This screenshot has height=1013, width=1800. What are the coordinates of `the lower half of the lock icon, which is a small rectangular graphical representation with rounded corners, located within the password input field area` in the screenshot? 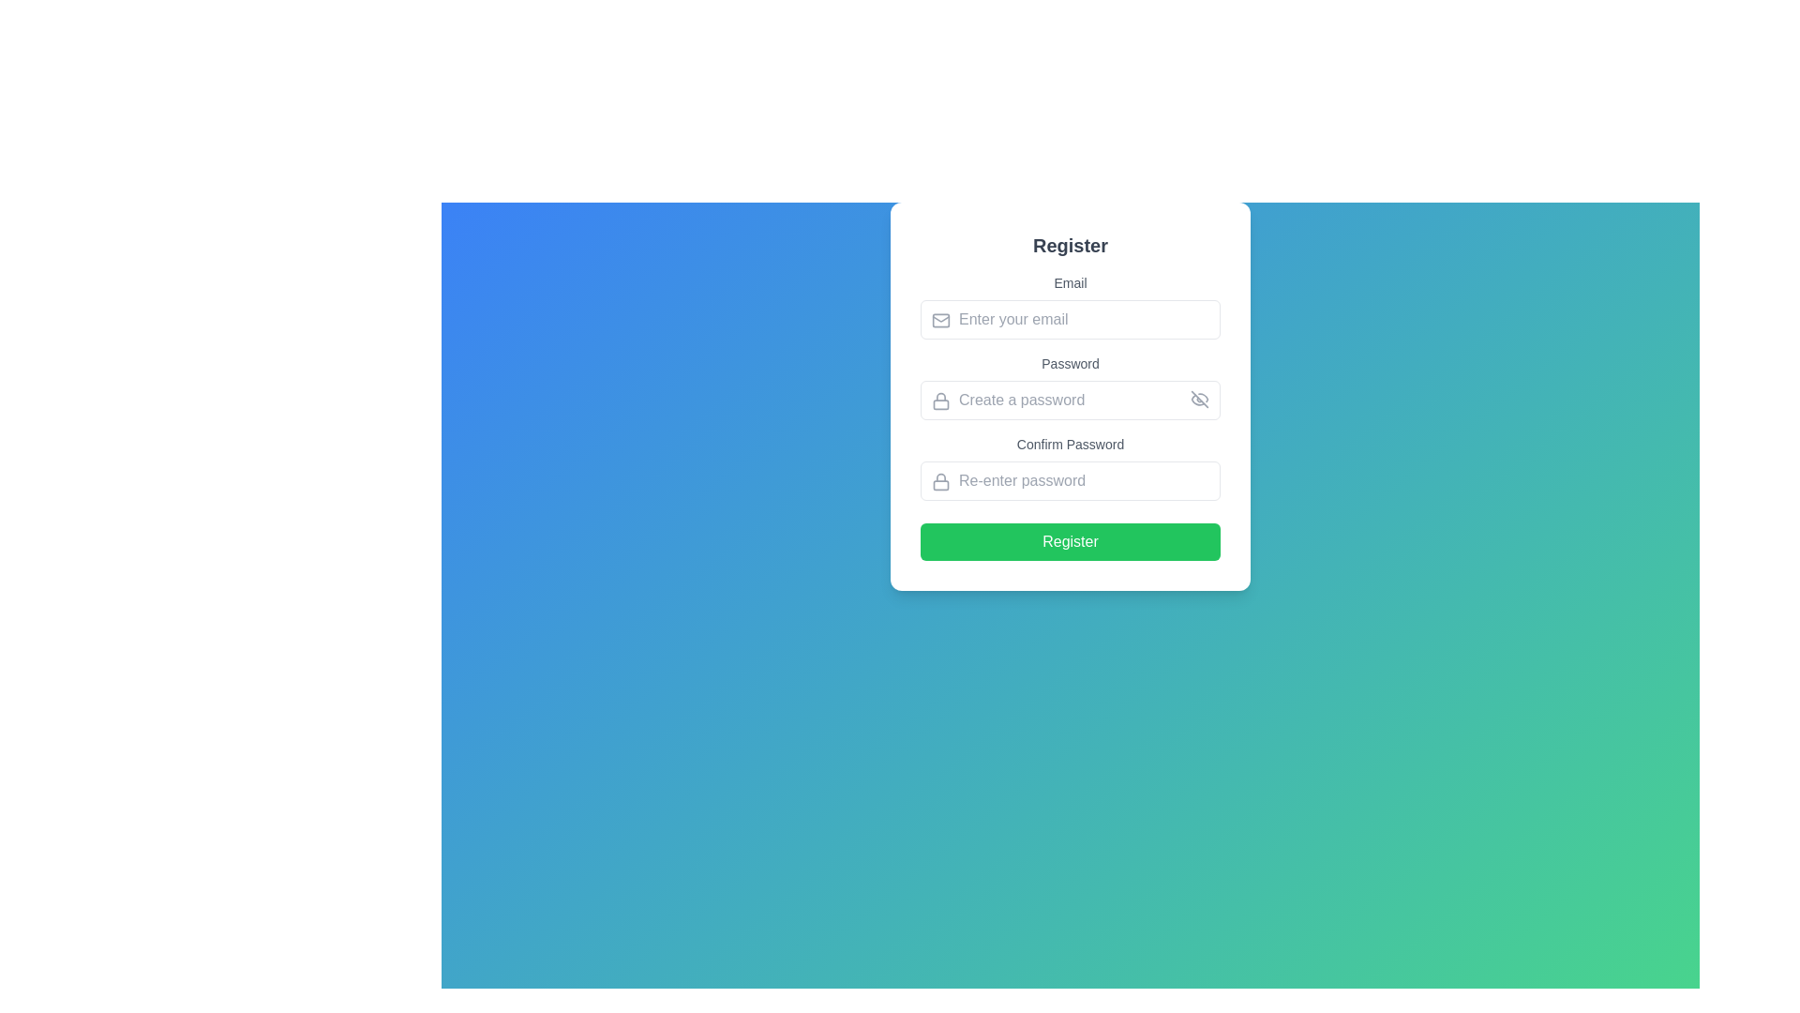 It's located at (940, 403).